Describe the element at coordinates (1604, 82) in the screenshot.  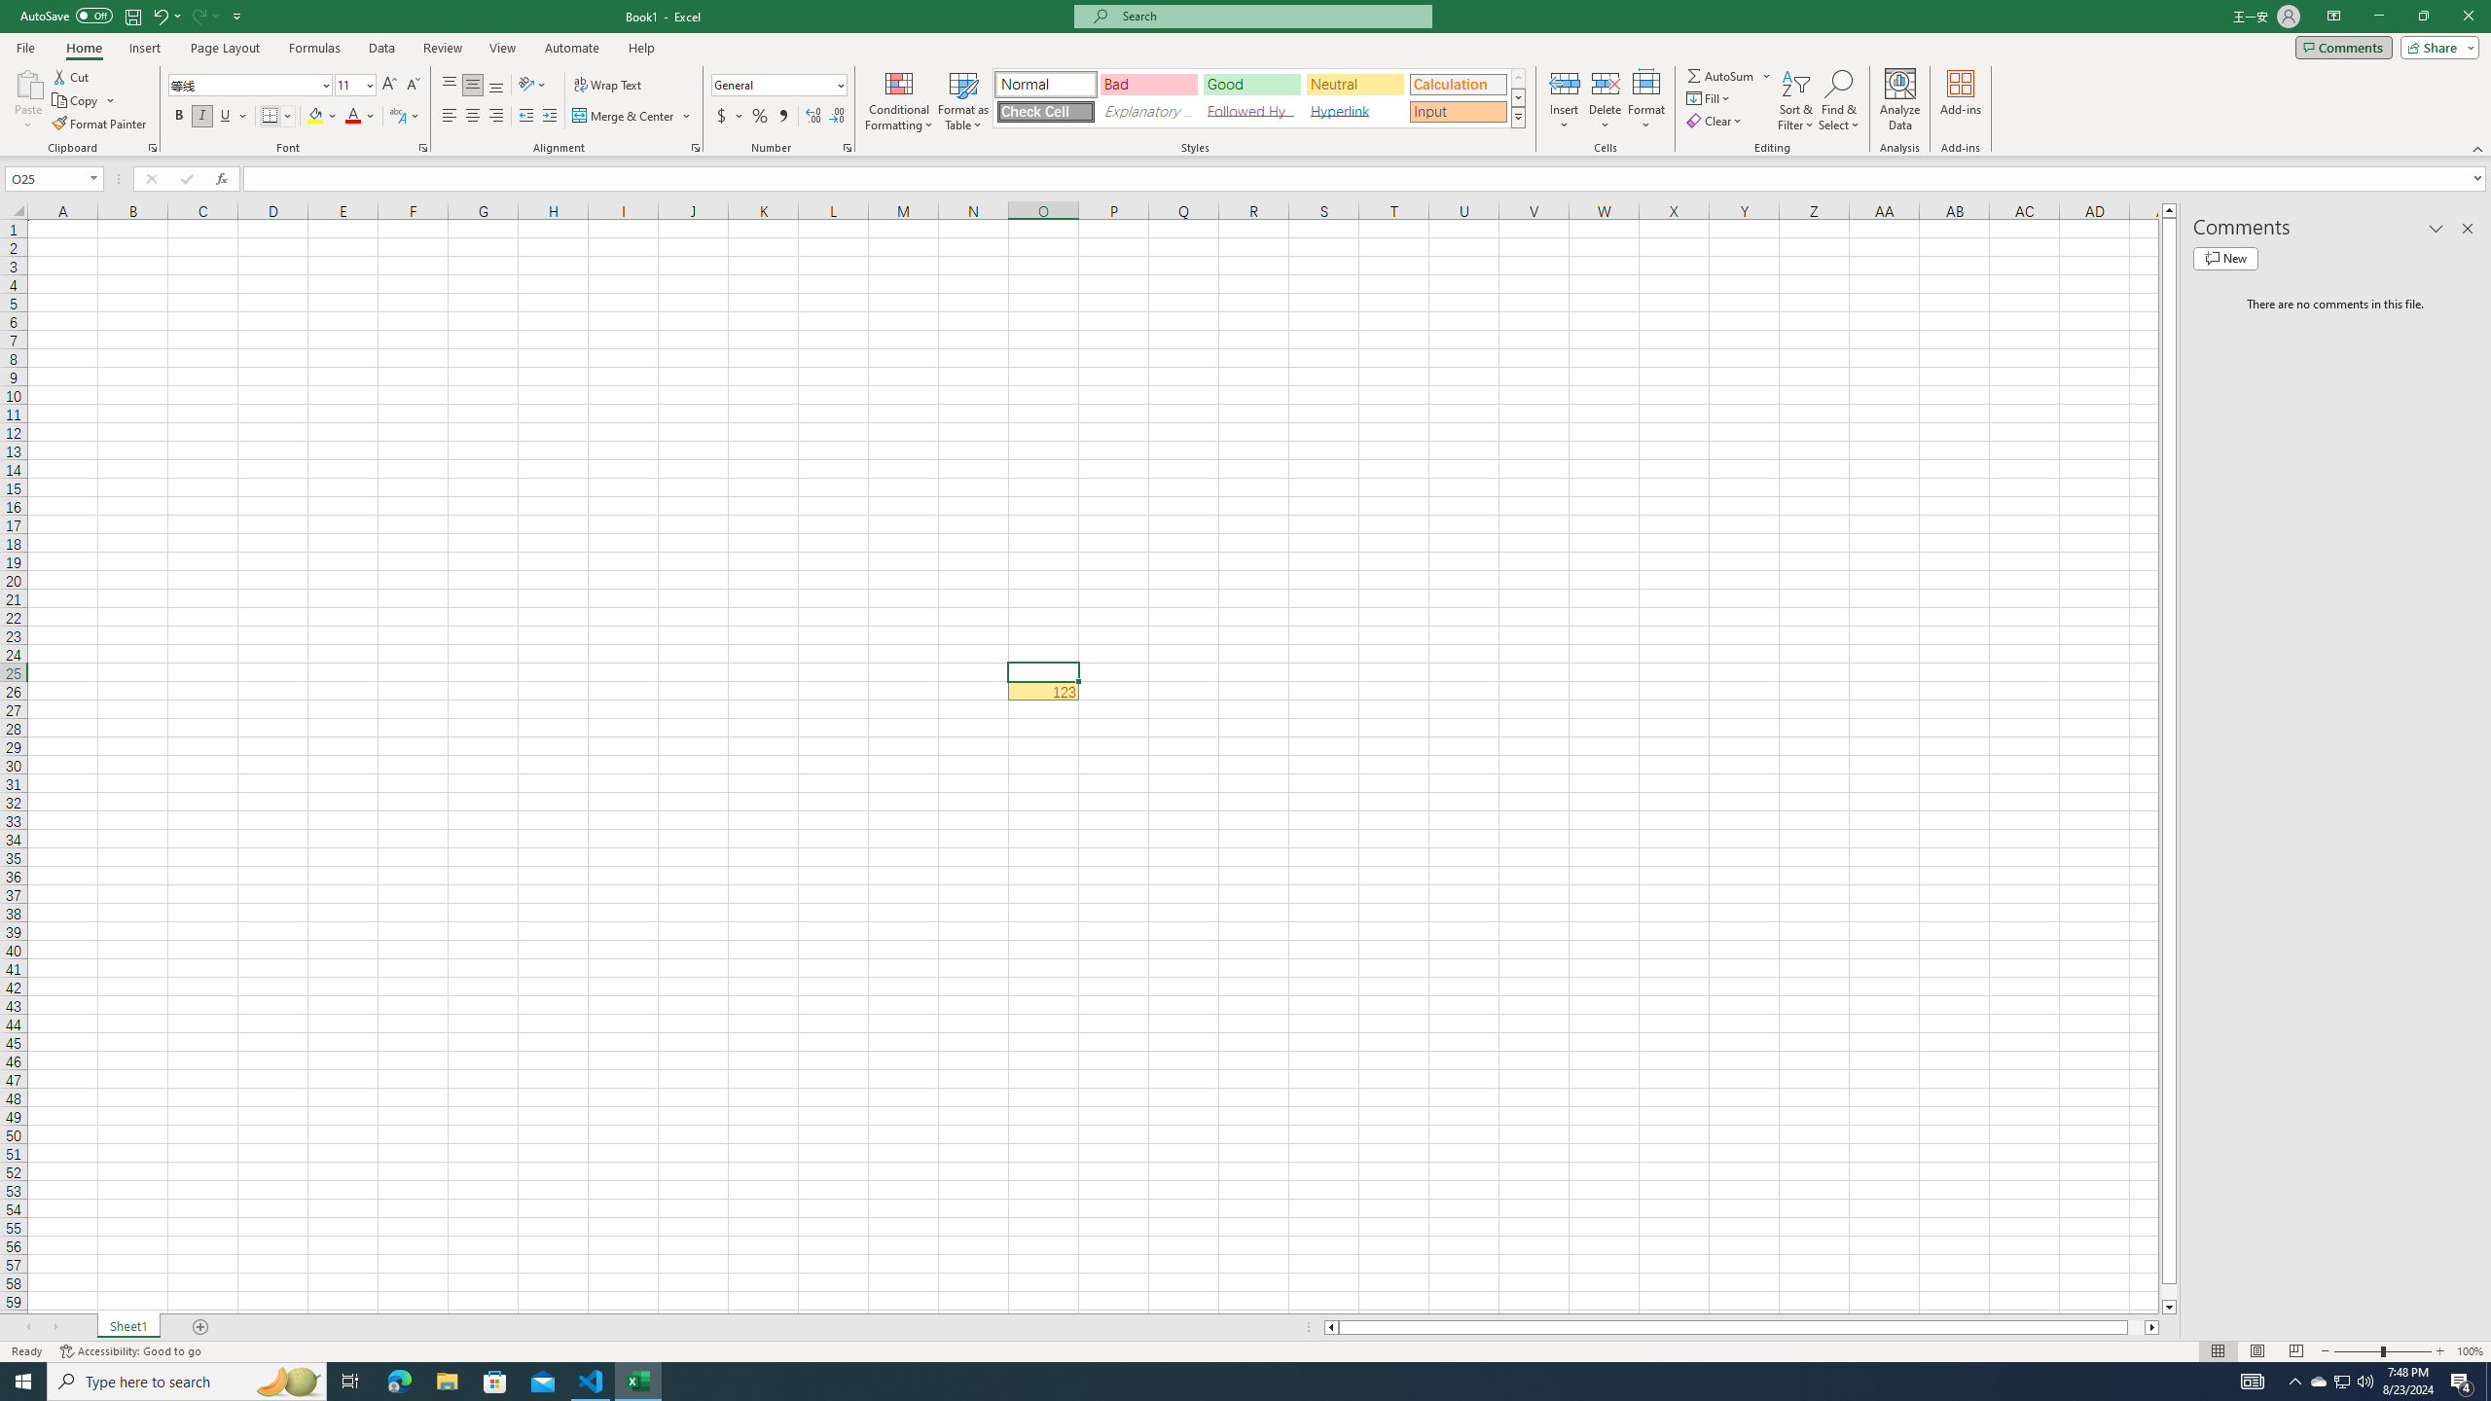
I see `'Delete Cells...'` at that location.